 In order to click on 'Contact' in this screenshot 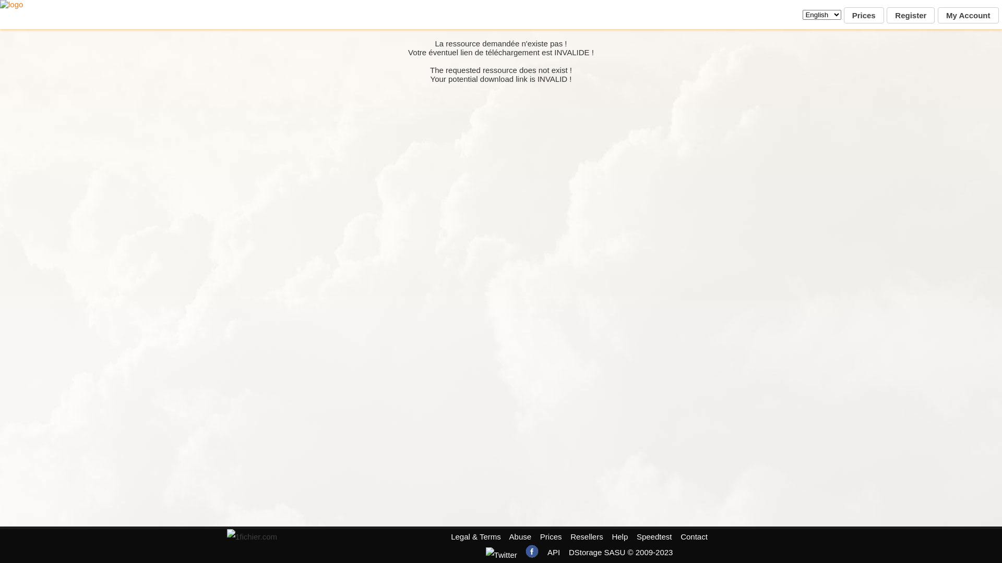, I will do `click(694, 536)`.